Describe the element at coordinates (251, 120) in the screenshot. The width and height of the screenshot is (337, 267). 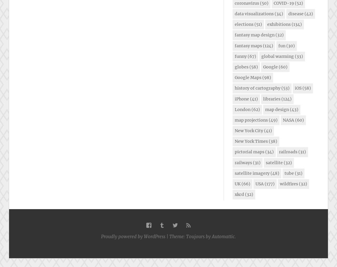
I see `'map projections'` at that location.